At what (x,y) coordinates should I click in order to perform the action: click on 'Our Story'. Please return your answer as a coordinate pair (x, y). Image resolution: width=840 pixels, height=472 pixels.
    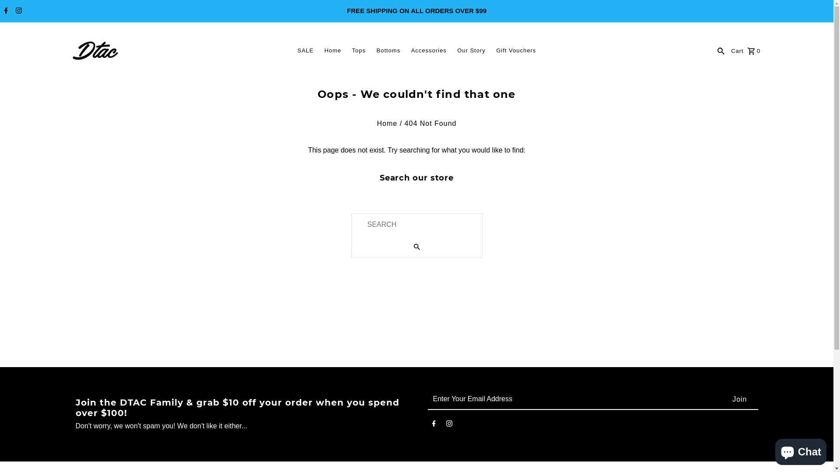
    Looking at the image, I should click on (471, 50).